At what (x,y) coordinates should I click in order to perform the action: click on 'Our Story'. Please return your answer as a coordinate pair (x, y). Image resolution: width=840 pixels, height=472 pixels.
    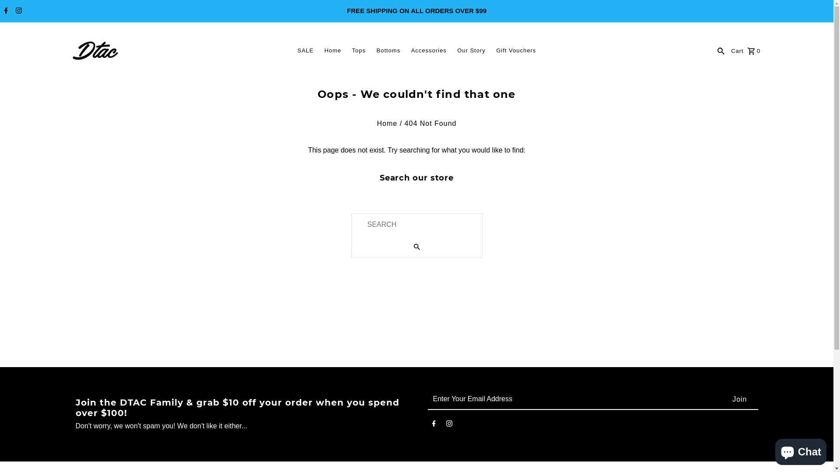
    Looking at the image, I should click on (471, 50).